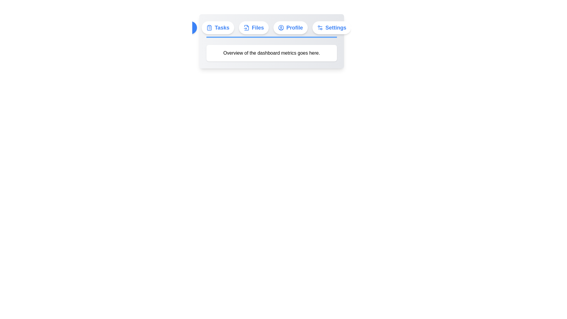 The height and width of the screenshot is (319, 567). I want to click on the document icon with an arrow, which is styled with a blue outline and positioned as the leftmost component inside the 'Files' button in the top menu bar, so click(246, 27).